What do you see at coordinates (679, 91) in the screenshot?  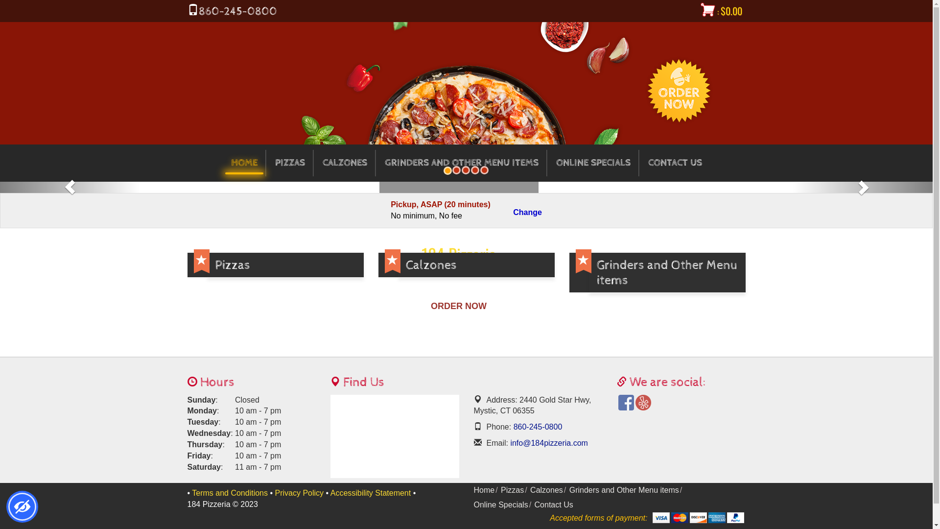 I see `'Order Now'` at bounding box center [679, 91].